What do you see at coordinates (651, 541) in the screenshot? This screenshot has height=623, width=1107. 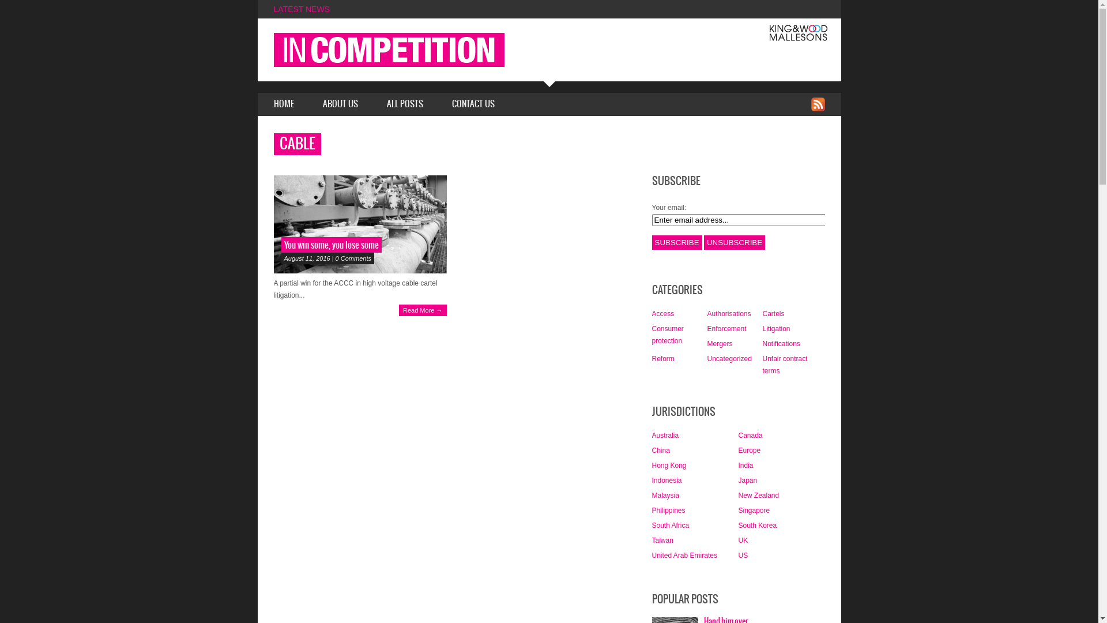 I see `'Taiwan'` at bounding box center [651, 541].